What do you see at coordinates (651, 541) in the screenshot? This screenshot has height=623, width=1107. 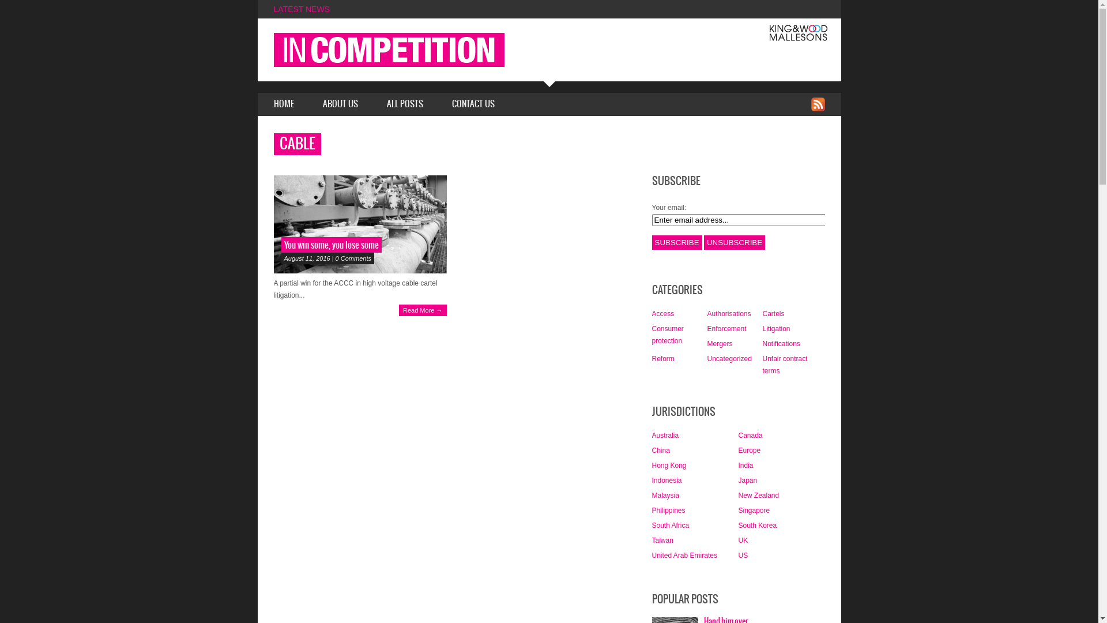 I see `'Taiwan'` at bounding box center [651, 541].